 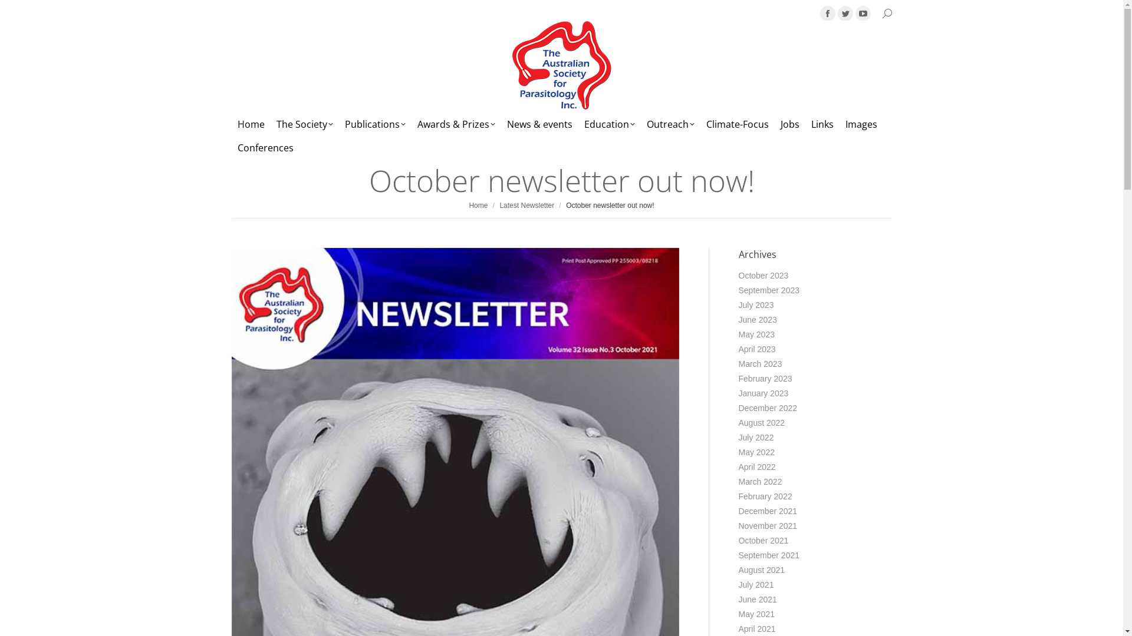 What do you see at coordinates (763, 541) in the screenshot?
I see `'October 2021'` at bounding box center [763, 541].